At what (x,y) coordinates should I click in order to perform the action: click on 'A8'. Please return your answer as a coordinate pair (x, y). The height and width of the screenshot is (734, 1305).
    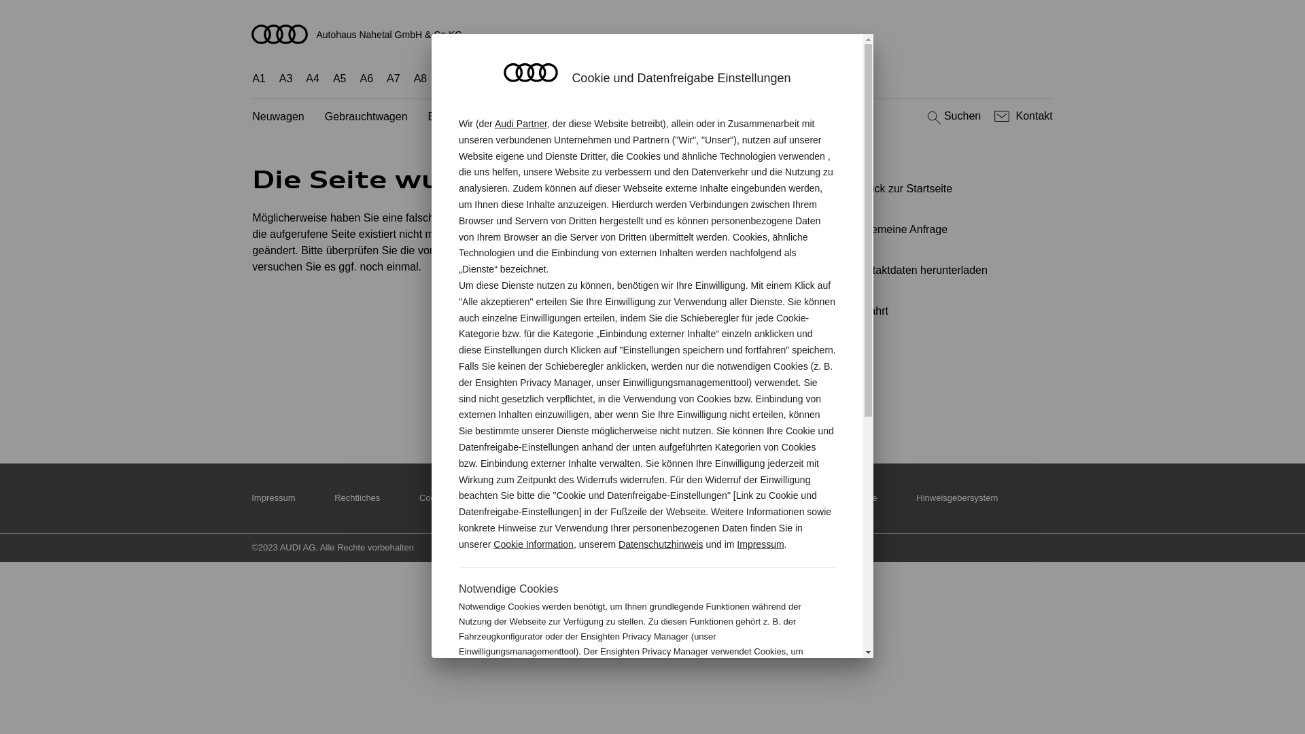
    Looking at the image, I should click on (413, 78).